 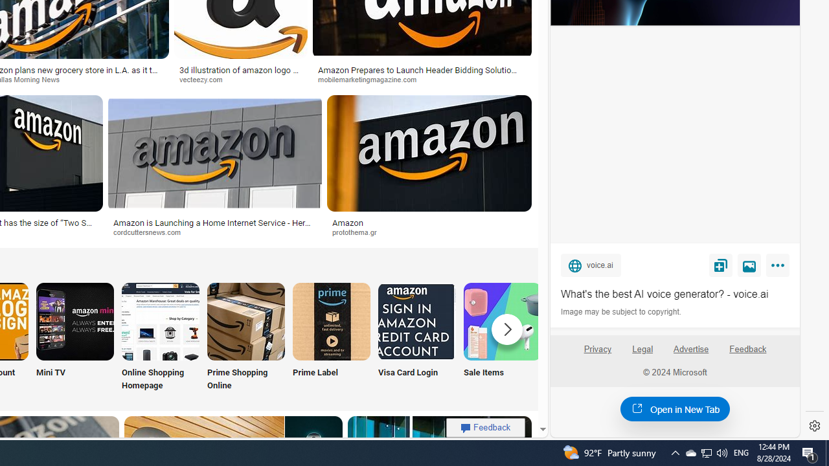 What do you see at coordinates (690, 348) in the screenshot?
I see `'Advertise'` at bounding box center [690, 348].